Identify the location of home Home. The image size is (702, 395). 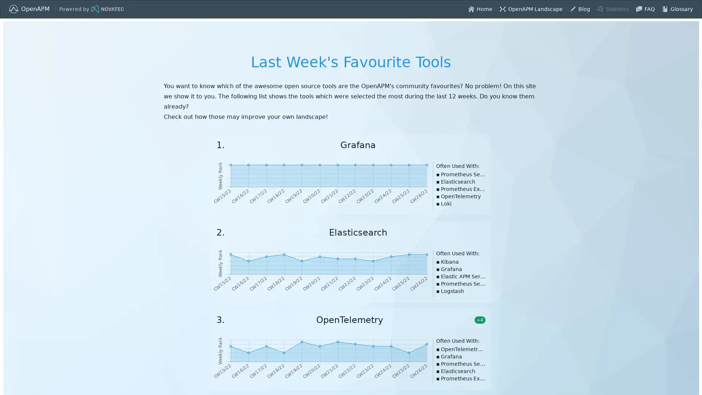
(480, 9).